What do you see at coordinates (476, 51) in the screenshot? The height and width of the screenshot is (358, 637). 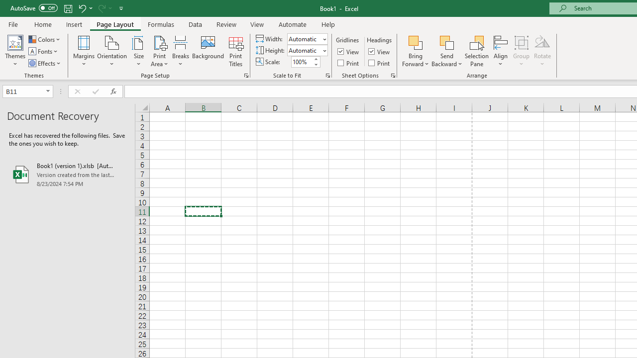 I see `'Selection Pane...'` at bounding box center [476, 51].